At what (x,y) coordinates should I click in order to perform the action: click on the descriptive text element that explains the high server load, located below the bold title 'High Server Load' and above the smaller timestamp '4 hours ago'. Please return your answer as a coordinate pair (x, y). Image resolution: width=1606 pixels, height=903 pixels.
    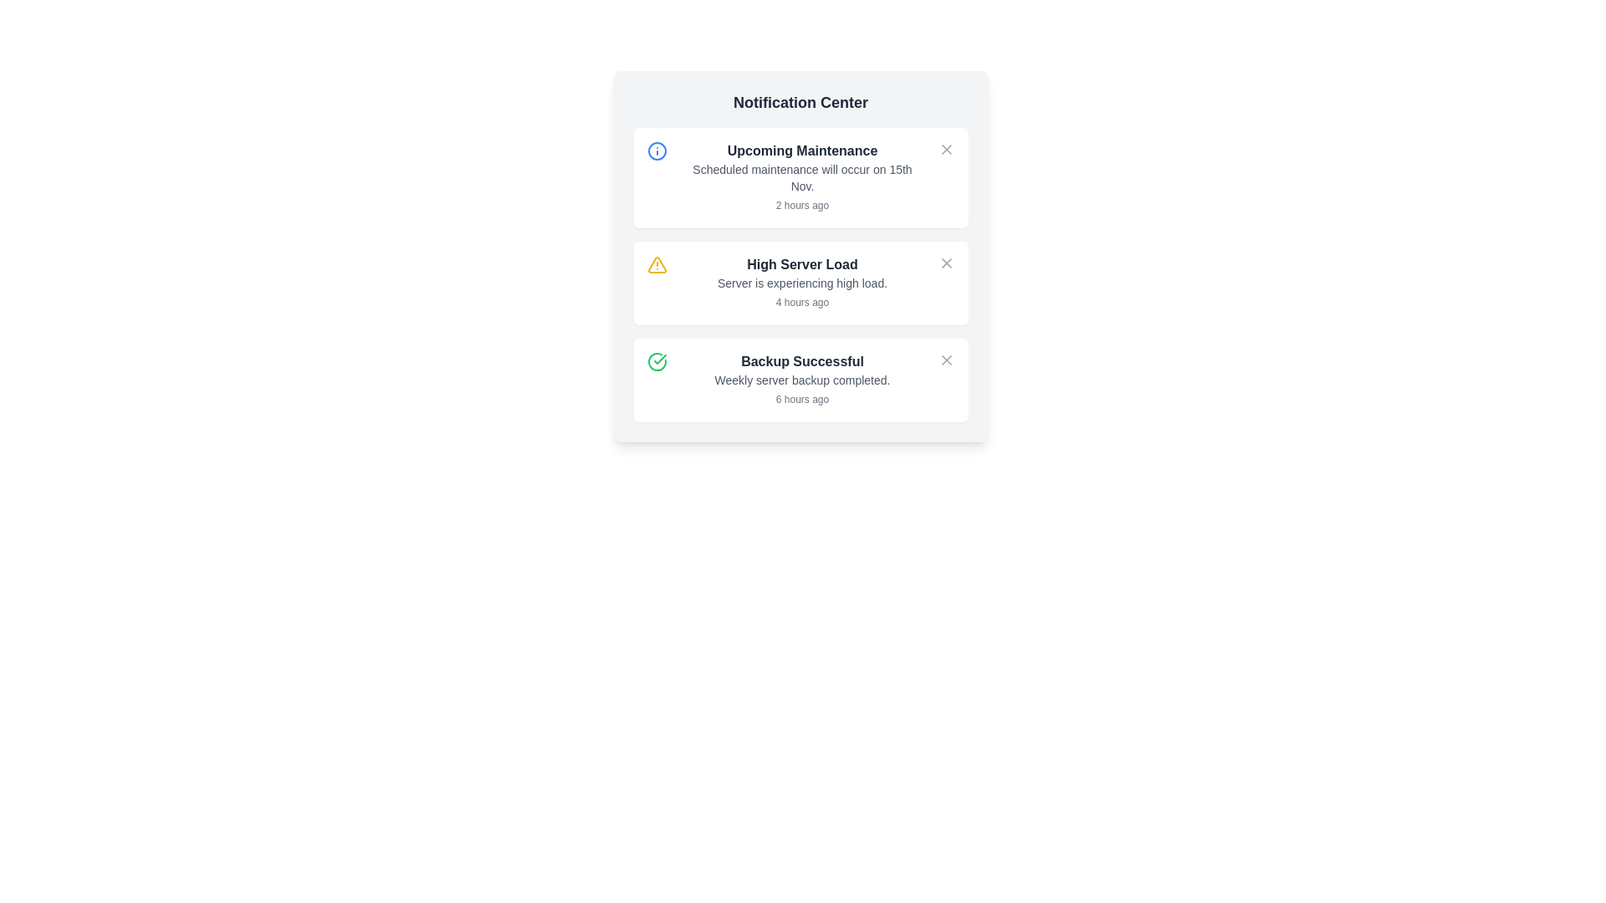
    Looking at the image, I should click on (801, 283).